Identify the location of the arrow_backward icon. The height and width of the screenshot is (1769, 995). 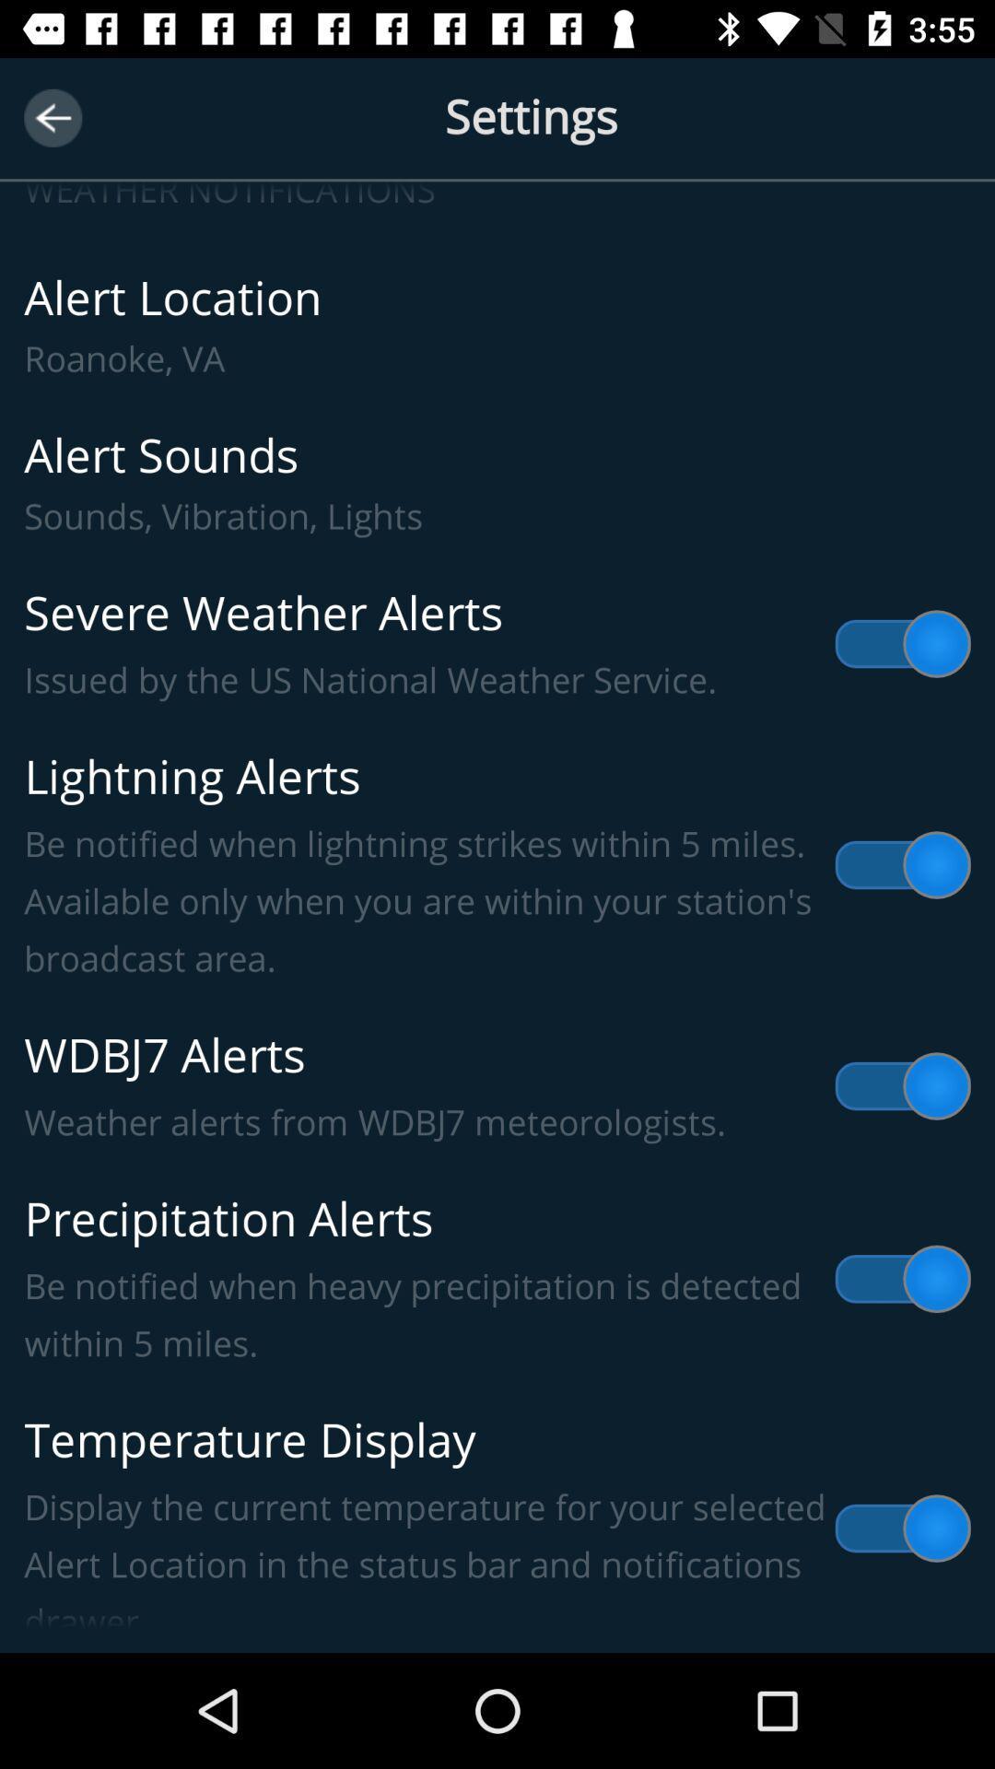
(52, 117).